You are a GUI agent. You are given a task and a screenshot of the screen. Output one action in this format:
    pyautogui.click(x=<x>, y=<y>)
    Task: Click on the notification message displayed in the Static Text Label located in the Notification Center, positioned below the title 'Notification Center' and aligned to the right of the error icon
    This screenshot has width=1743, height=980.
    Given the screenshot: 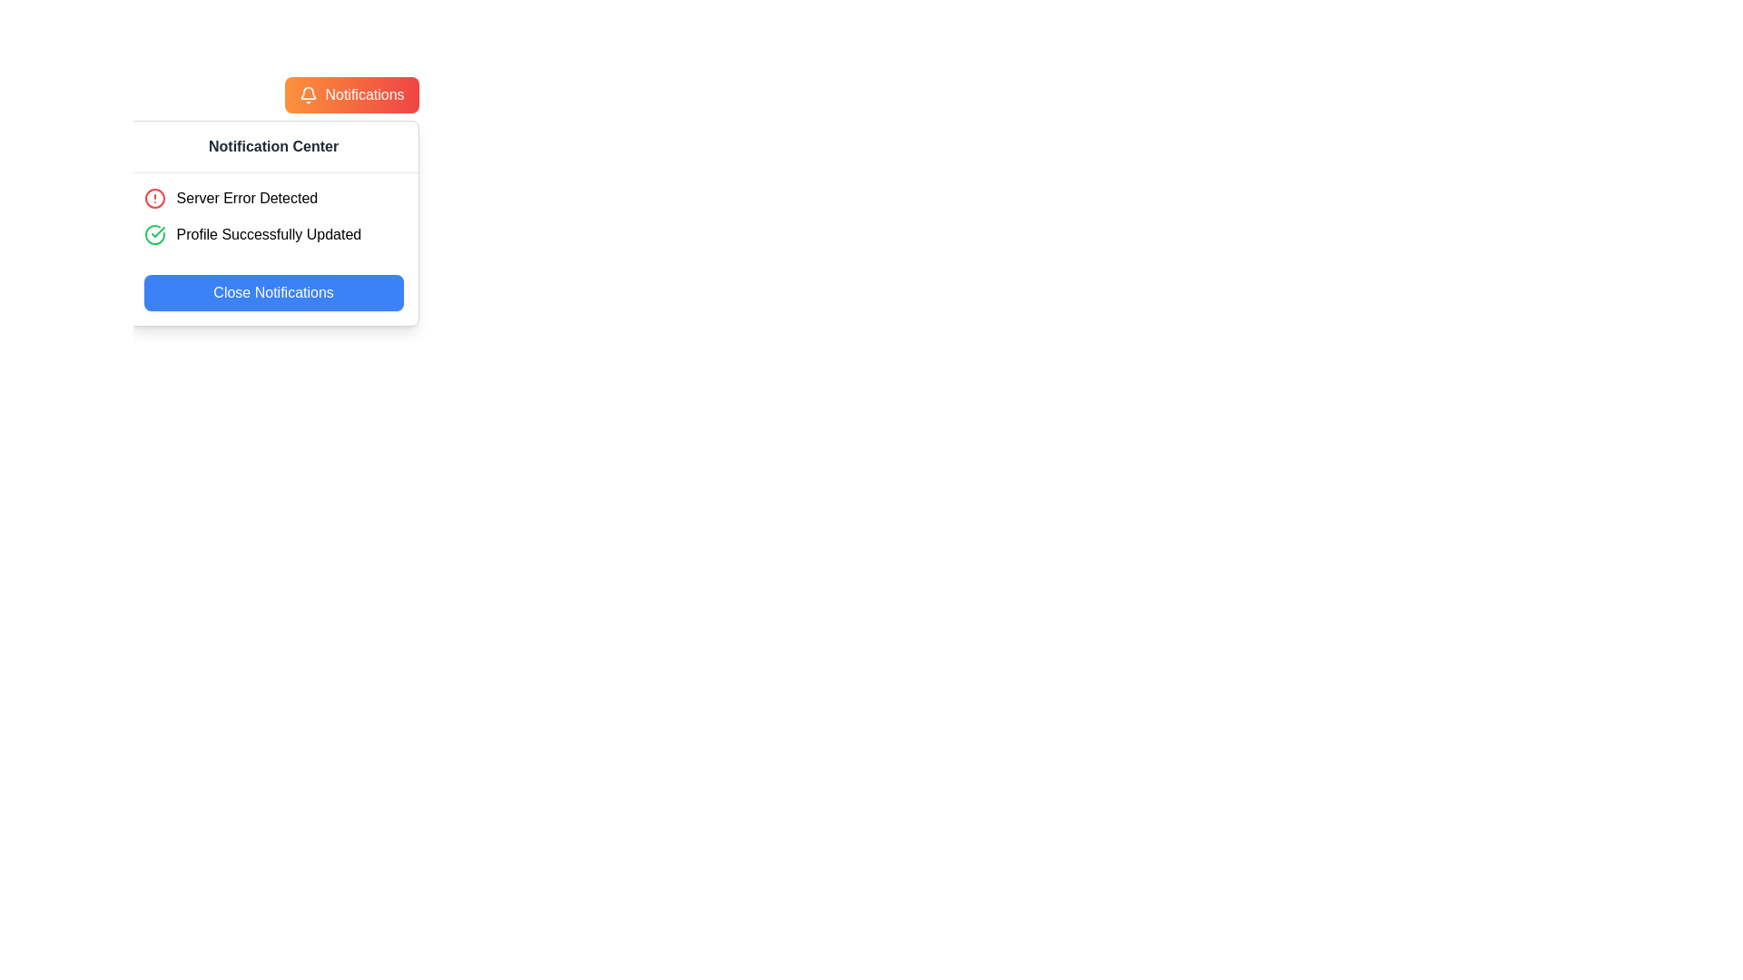 What is the action you would take?
    pyautogui.click(x=246, y=199)
    